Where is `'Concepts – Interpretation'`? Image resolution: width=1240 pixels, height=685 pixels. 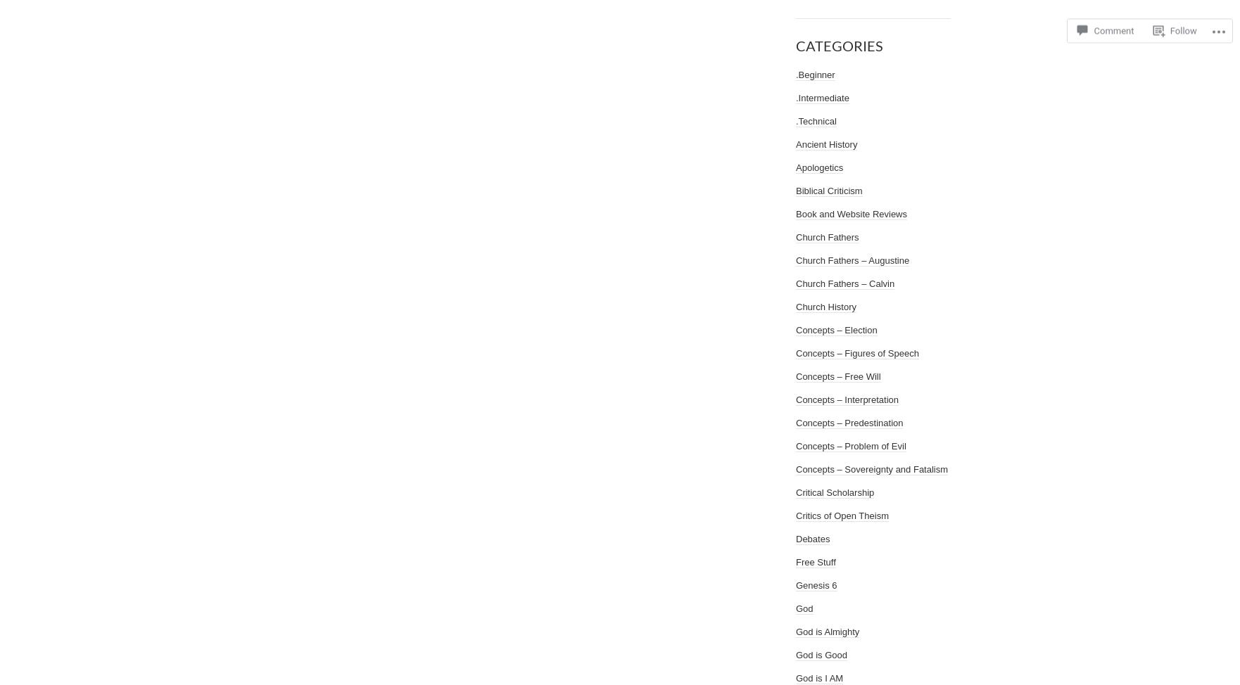 'Concepts – Interpretation' is located at coordinates (796, 399).